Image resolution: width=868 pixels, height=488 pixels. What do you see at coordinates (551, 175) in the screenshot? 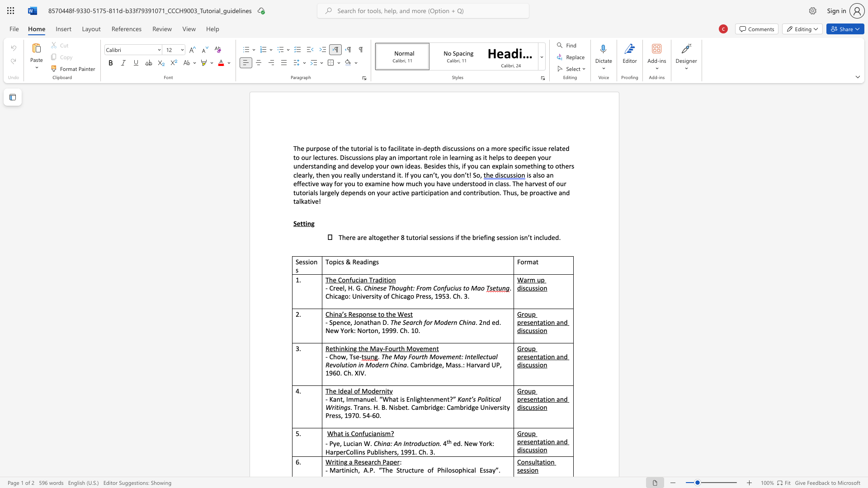
I see `the 1th character "n" in the text` at bounding box center [551, 175].